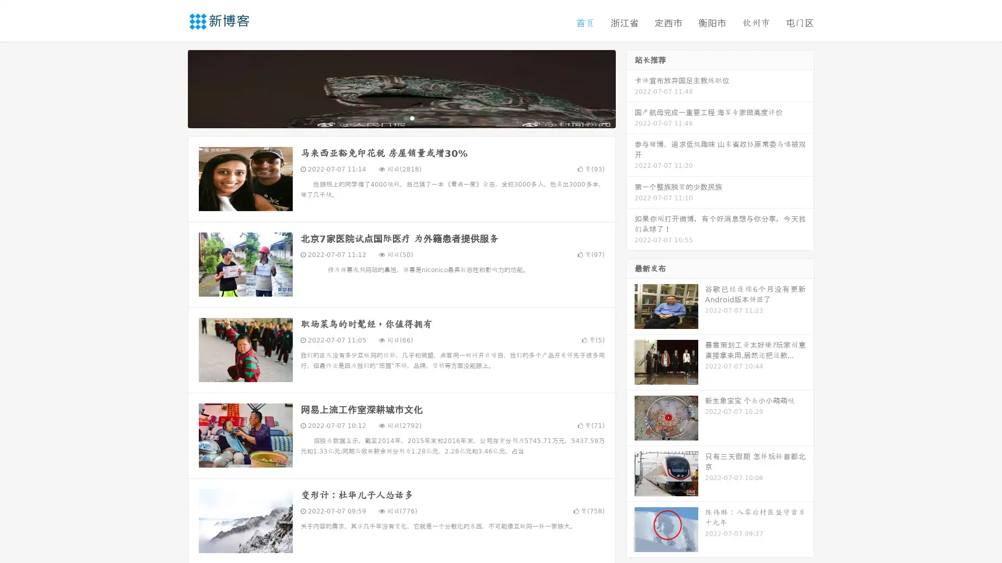  What do you see at coordinates (172, 88) in the screenshot?
I see `Previous slide` at bounding box center [172, 88].